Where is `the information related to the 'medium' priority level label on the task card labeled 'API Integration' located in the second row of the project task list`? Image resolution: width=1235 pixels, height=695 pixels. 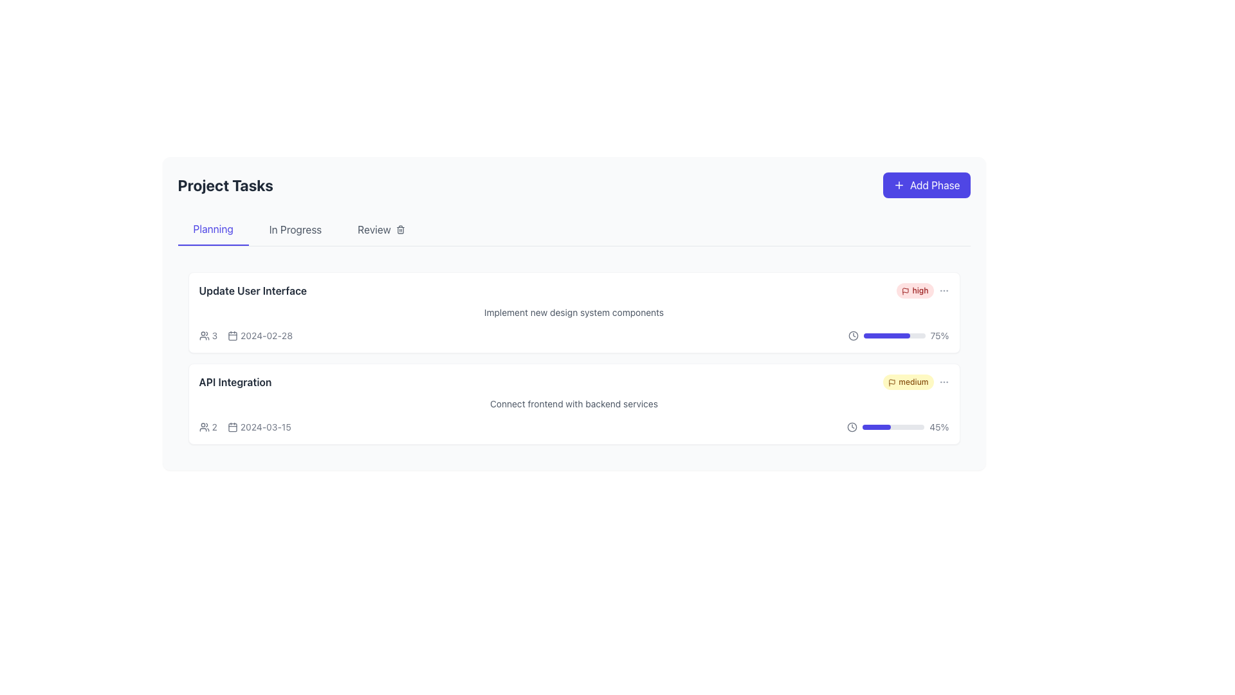 the information related to the 'medium' priority level label on the task card labeled 'API Integration' located in the second row of the project task list is located at coordinates (908, 382).